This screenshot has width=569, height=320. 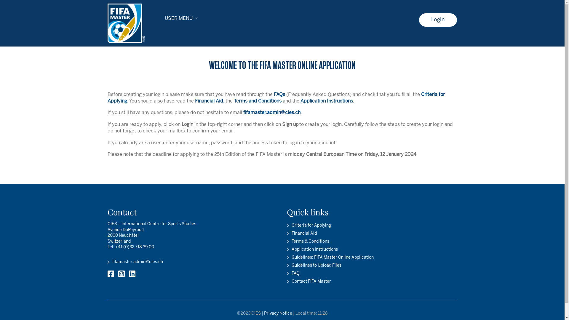 I want to click on 'FAQs', so click(x=279, y=94).